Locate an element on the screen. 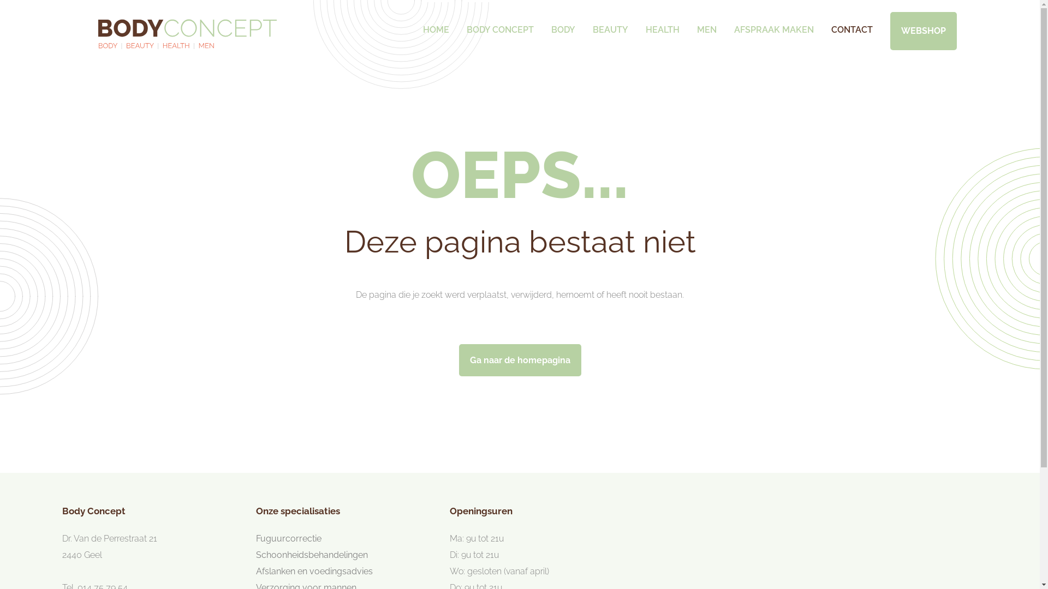 Image resolution: width=1048 pixels, height=589 pixels. 'Ga naar de homepagina' is located at coordinates (519, 360).